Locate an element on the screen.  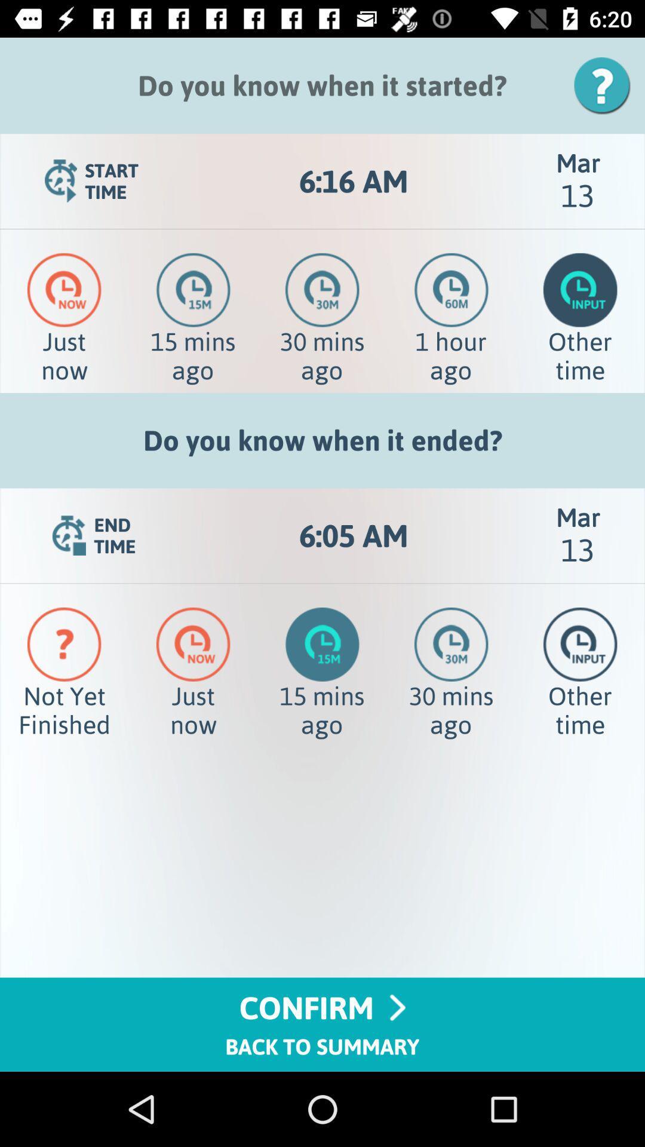
the time icon is located at coordinates (193, 290).